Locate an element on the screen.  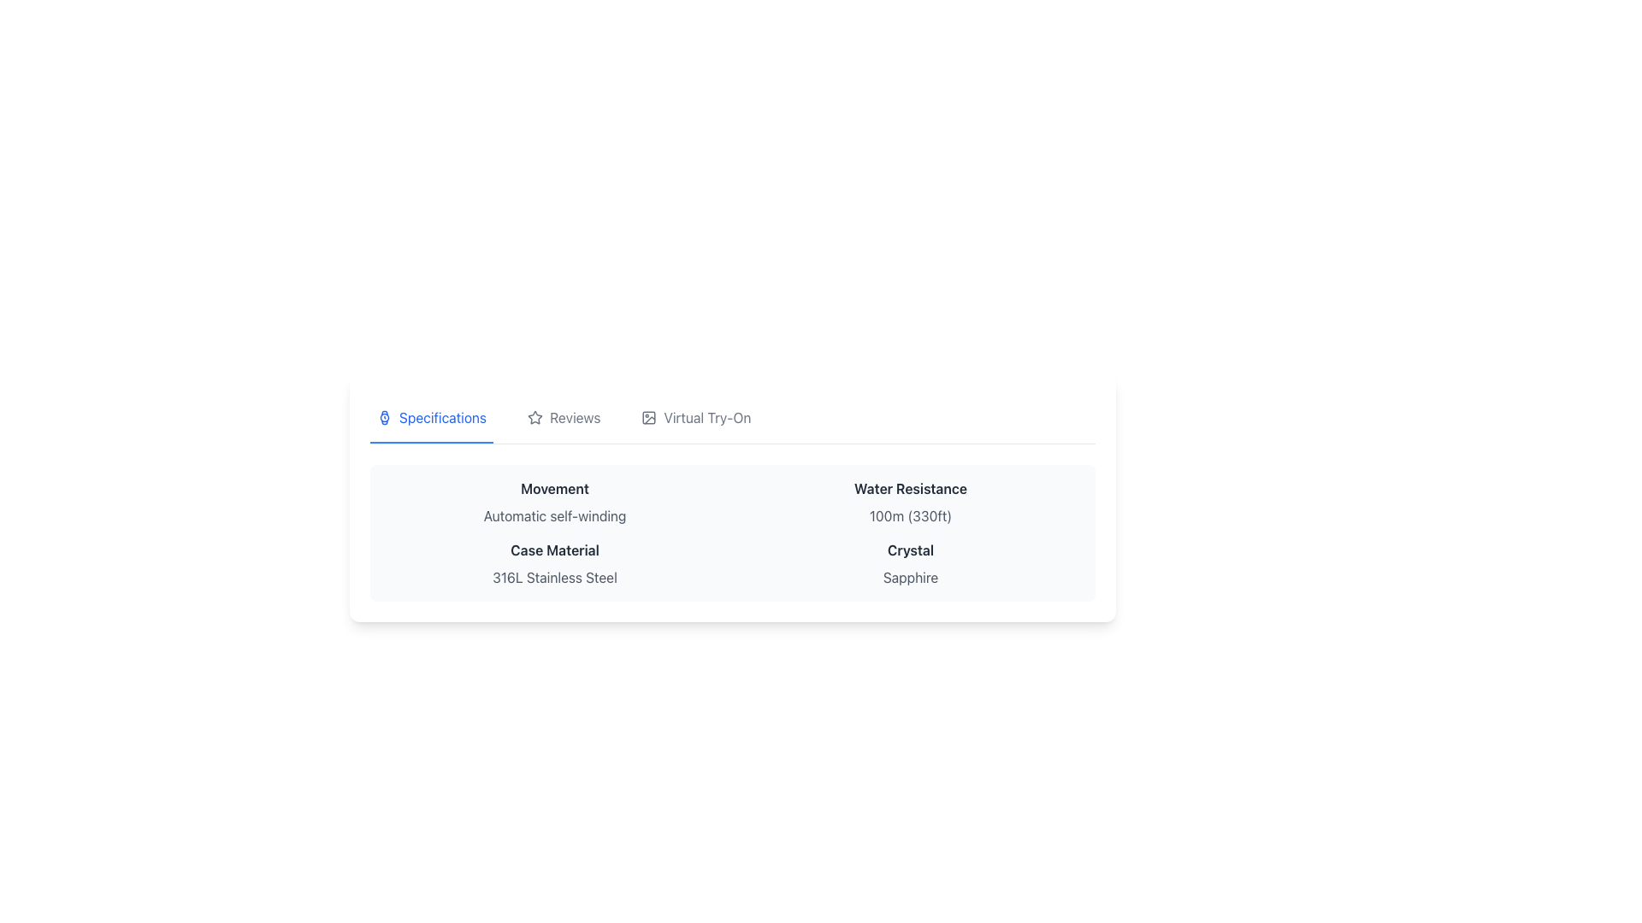
informational text block that states the material of the case, which is '316L Stainless Steel', located in the left column, third row of the grid layout is located at coordinates (554, 563).